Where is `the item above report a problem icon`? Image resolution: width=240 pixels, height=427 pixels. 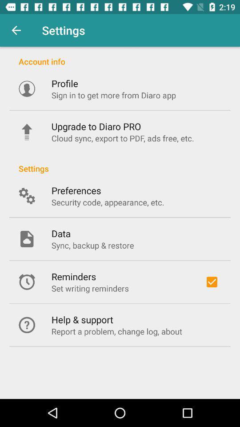
the item above report a problem icon is located at coordinates (82, 319).